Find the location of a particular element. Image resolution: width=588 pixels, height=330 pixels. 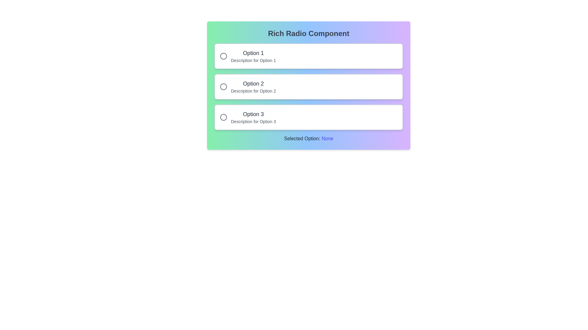

the second radio button option in the vertical list to potentially see hover effects is located at coordinates (309, 87).